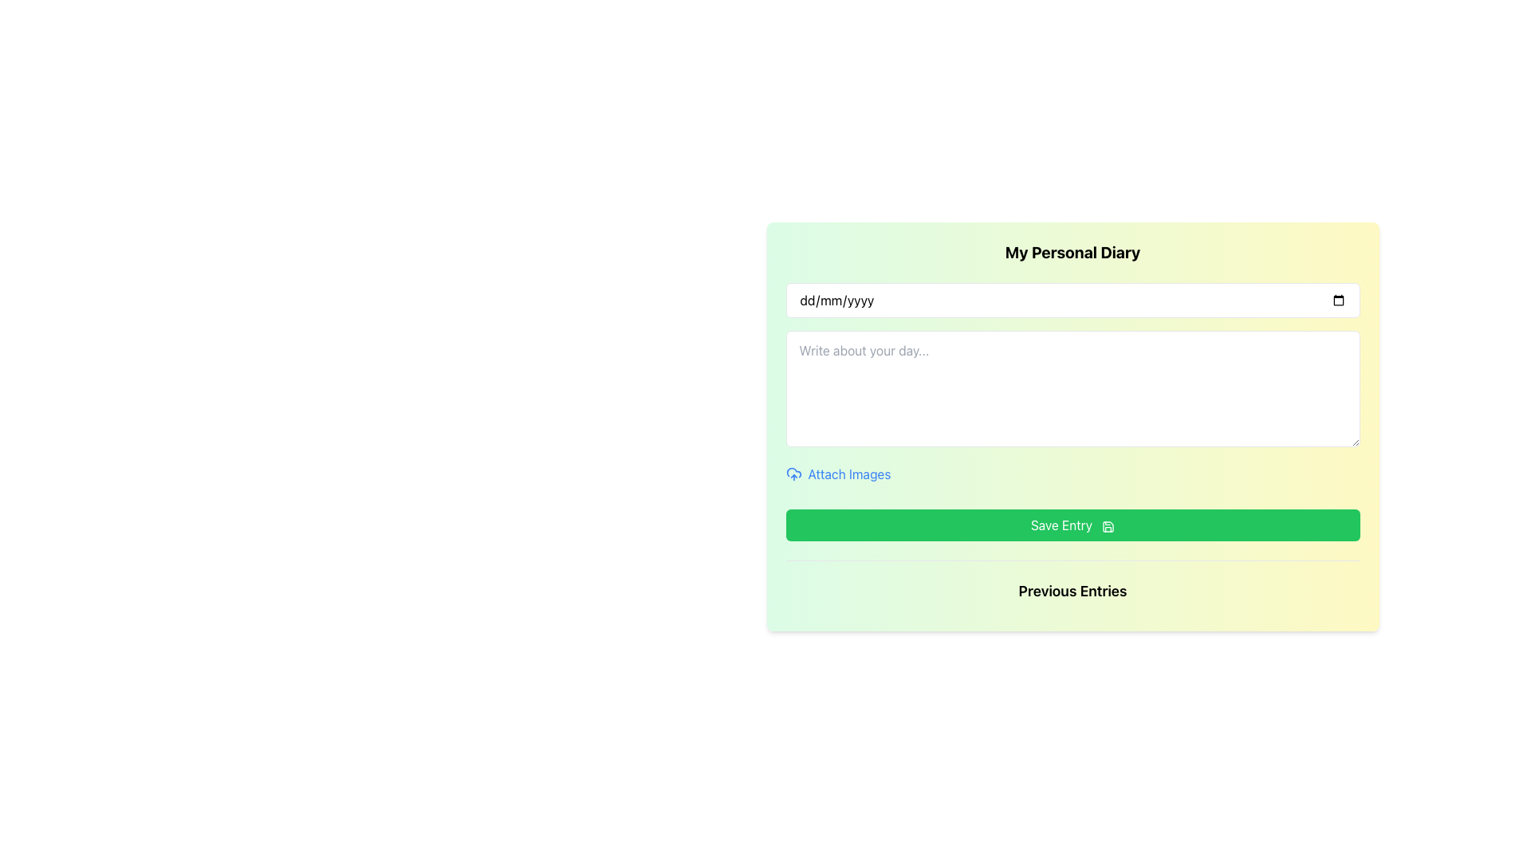 The image size is (1531, 861). What do you see at coordinates (793, 473) in the screenshot?
I see `the icon that signifies the action of attaching or uploading image files, located immediately to the left of the 'Attach Images' text at the bottom left of the diary form interface` at bounding box center [793, 473].